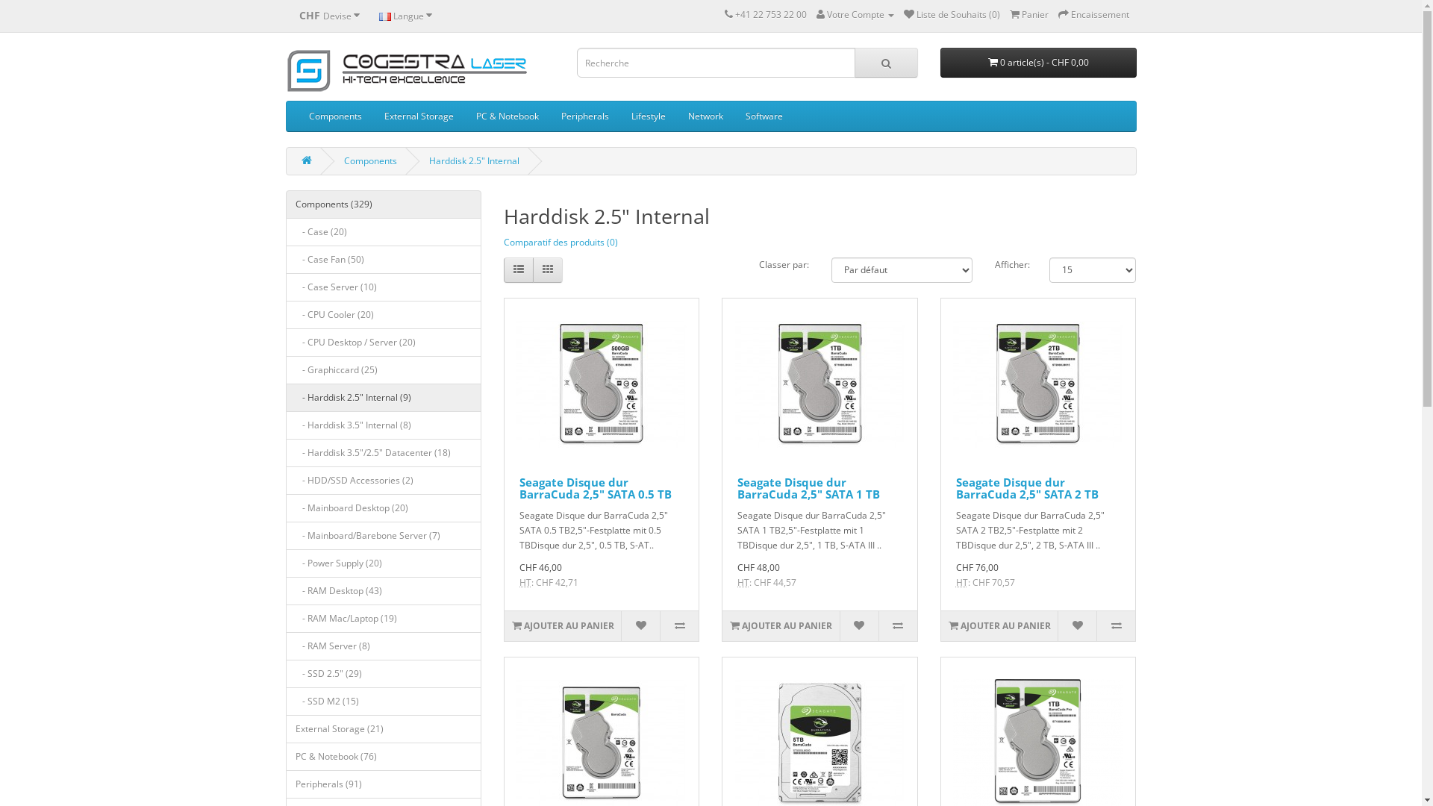  What do you see at coordinates (383, 343) in the screenshot?
I see `'   - CPU Desktop / Server (20)'` at bounding box center [383, 343].